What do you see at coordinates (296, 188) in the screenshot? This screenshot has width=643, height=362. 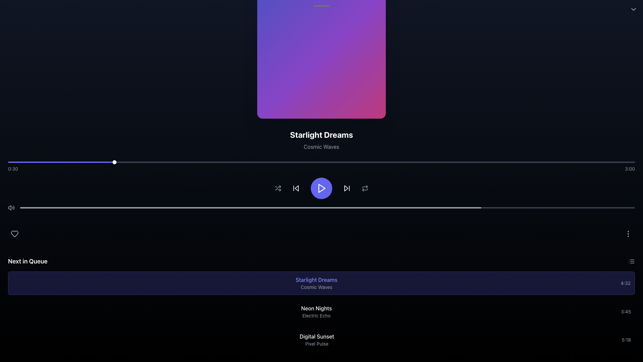 I see `the skip-back button in the music player's control bar` at bounding box center [296, 188].